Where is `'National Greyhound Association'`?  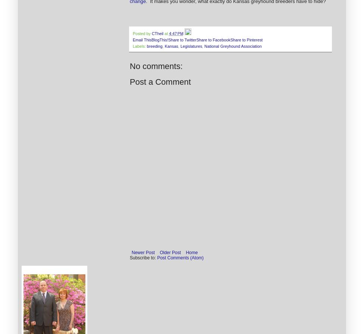
'National Greyhound Association' is located at coordinates (232, 46).